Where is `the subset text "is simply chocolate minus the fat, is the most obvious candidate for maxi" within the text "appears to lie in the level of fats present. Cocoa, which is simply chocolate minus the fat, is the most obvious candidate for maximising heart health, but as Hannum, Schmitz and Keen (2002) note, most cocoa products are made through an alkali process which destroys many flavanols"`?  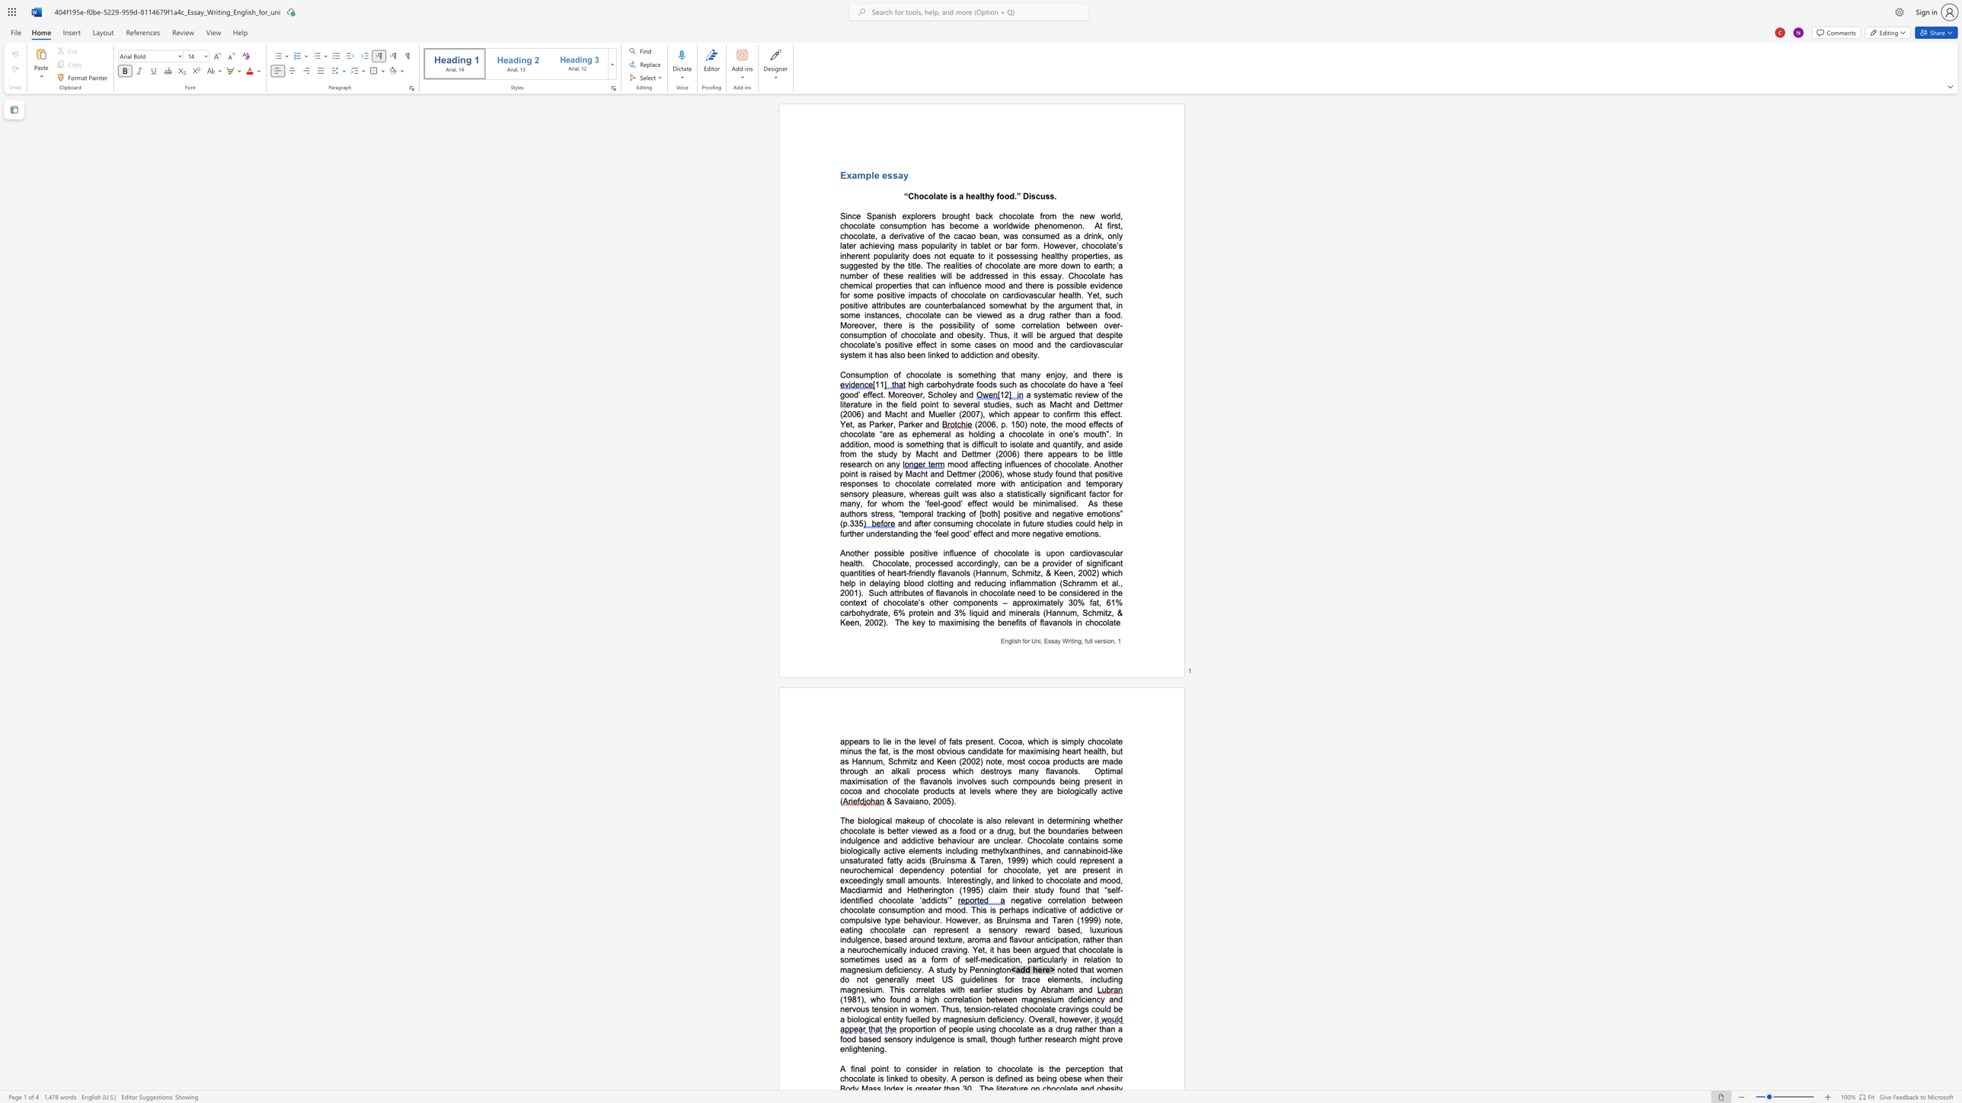
the subset text "is simply chocolate minus the fat, is the most obvious candidate for maxi" within the text "appears to lie in the level of fats present. Cocoa, which is simply chocolate minus the fat, is the most obvious candidate for maximising heart health, but as Hannum, Schmitz and Keen (2002) note, most cocoa products are made through an alkali process which destroys many flavanols" is located at coordinates (1051, 741).